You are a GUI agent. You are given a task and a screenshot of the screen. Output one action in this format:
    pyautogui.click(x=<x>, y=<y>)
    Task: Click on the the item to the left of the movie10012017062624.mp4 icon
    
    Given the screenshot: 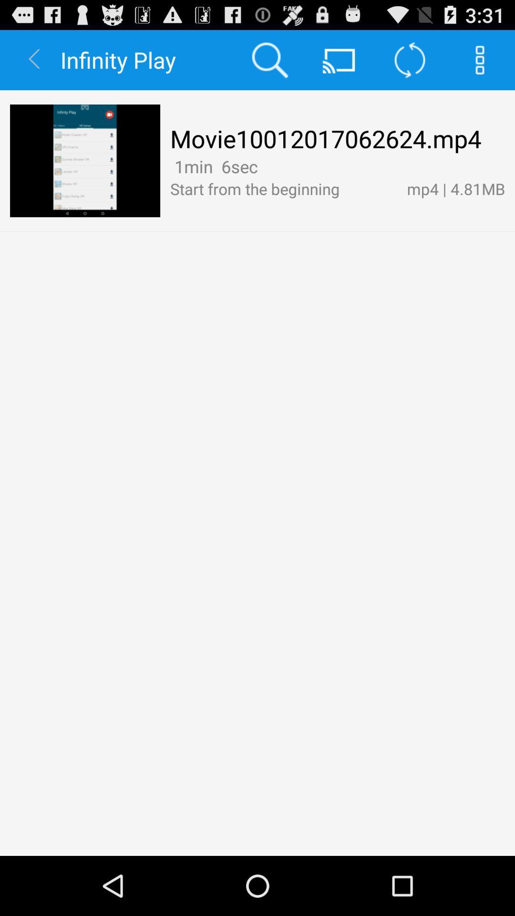 What is the action you would take?
    pyautogui.click(x=84, y=161)
    